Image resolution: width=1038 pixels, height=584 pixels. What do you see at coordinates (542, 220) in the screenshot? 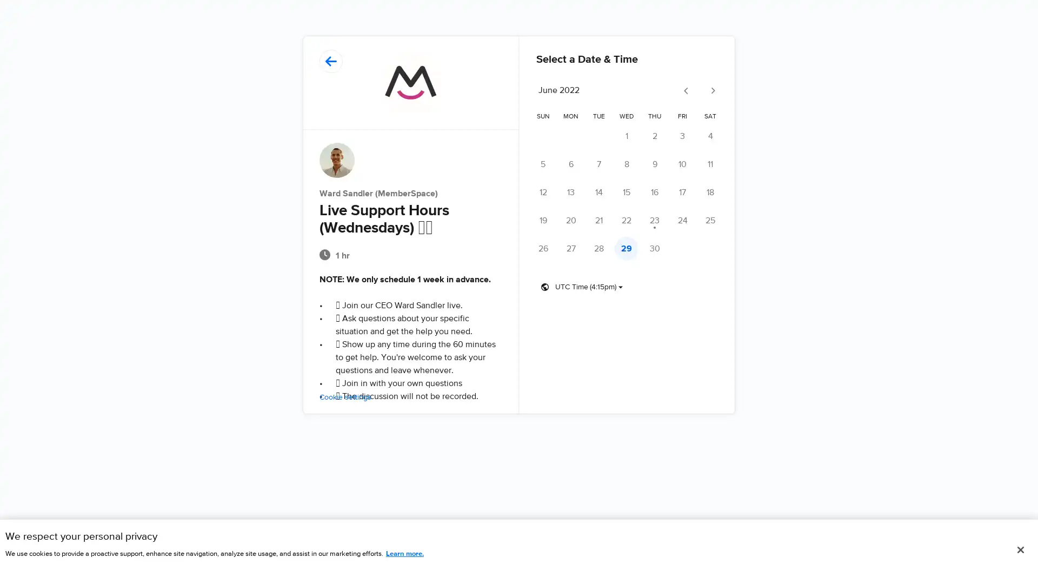
I see `Sunday, June 19 - No times available` at bounding box center [542, 220].